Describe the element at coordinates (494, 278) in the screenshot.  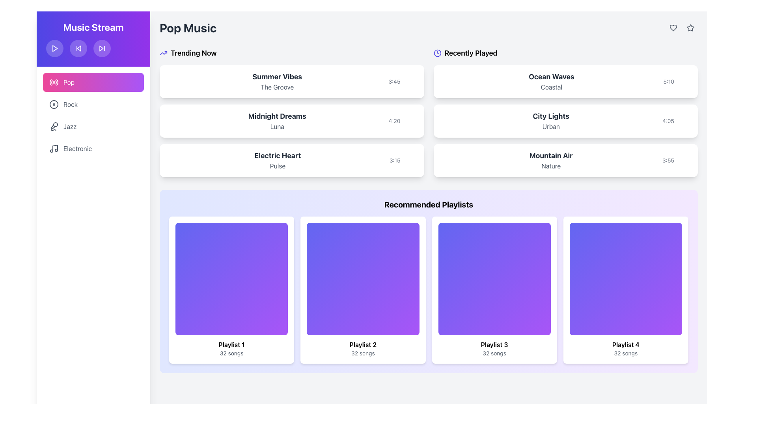
I see `the Decorative gradient tile representing 'Playlist 3' in the 'Recommended Playlists' section` at that location.